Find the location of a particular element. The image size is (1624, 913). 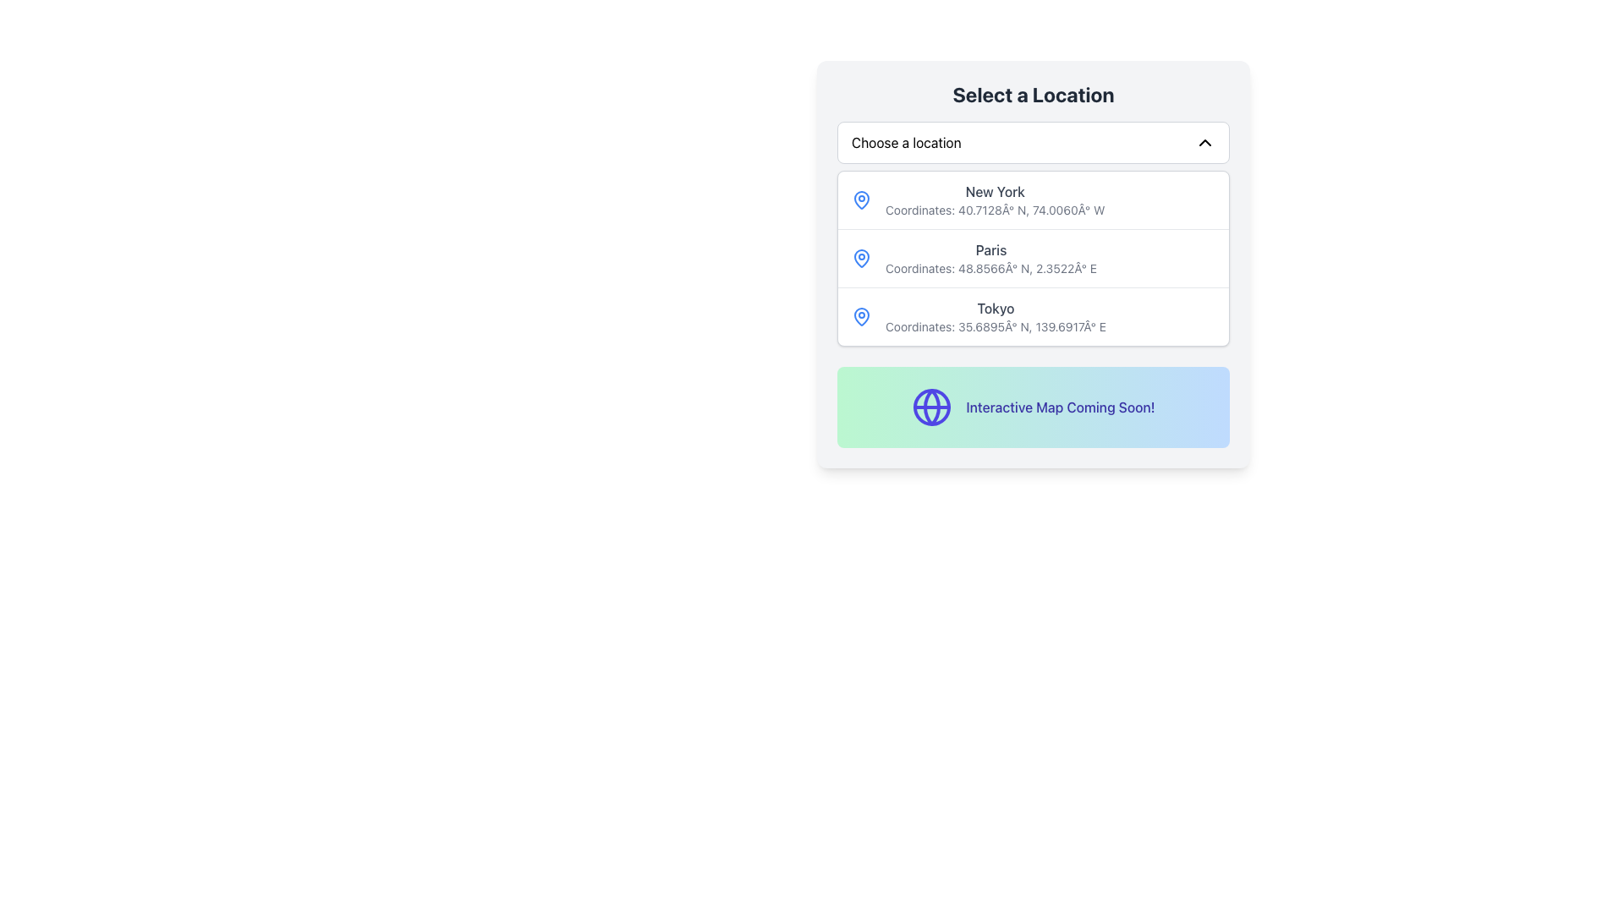

the map pin icon on the left side of the entry labeled 'Tokyo' in the location list is located at coordinates (861, 316).